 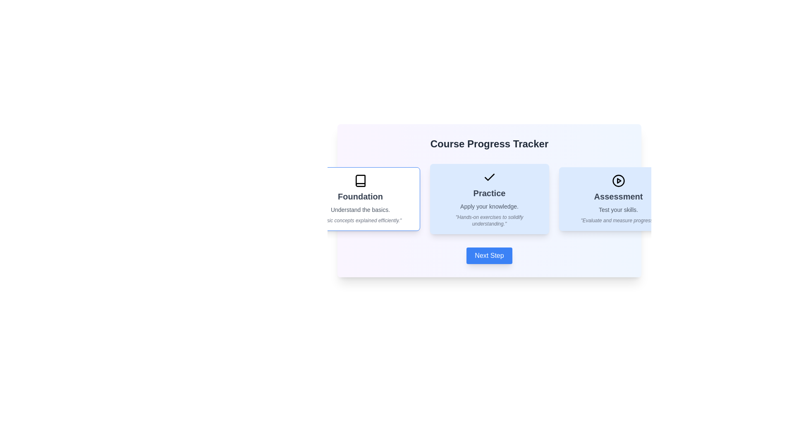 I want to click on the play-button-like graphical icon located in the 'Assessment' section, which is centered within a circular icon positioned to the right of the 'Practice' section, so click(x=619, y=180).